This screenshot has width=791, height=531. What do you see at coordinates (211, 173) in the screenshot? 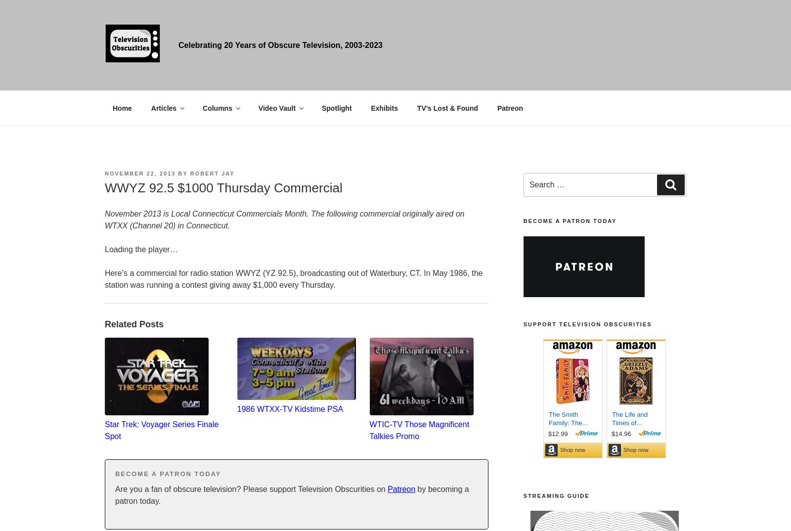
I see `'Robert Jay'` at bounding box center [211, 173].